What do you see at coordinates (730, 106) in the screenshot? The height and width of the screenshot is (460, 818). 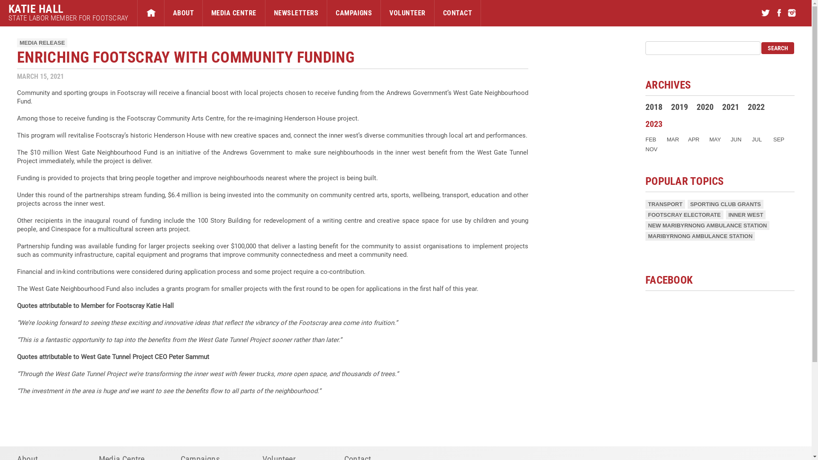 I see `'2021'` at bounding box center [730, 106].